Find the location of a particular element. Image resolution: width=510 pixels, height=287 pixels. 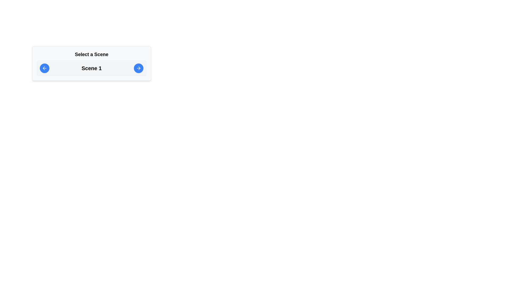

the back icon located within the blue circular button on the left side of the interface is located at coordinates (45, 68).